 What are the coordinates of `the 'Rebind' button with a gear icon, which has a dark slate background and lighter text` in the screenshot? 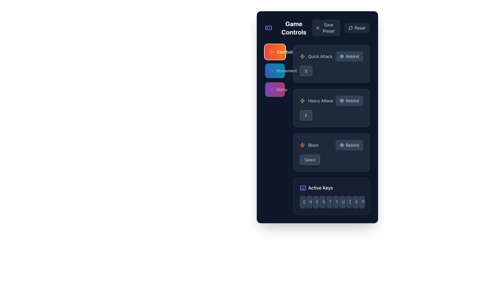 It's located at (349, 145).